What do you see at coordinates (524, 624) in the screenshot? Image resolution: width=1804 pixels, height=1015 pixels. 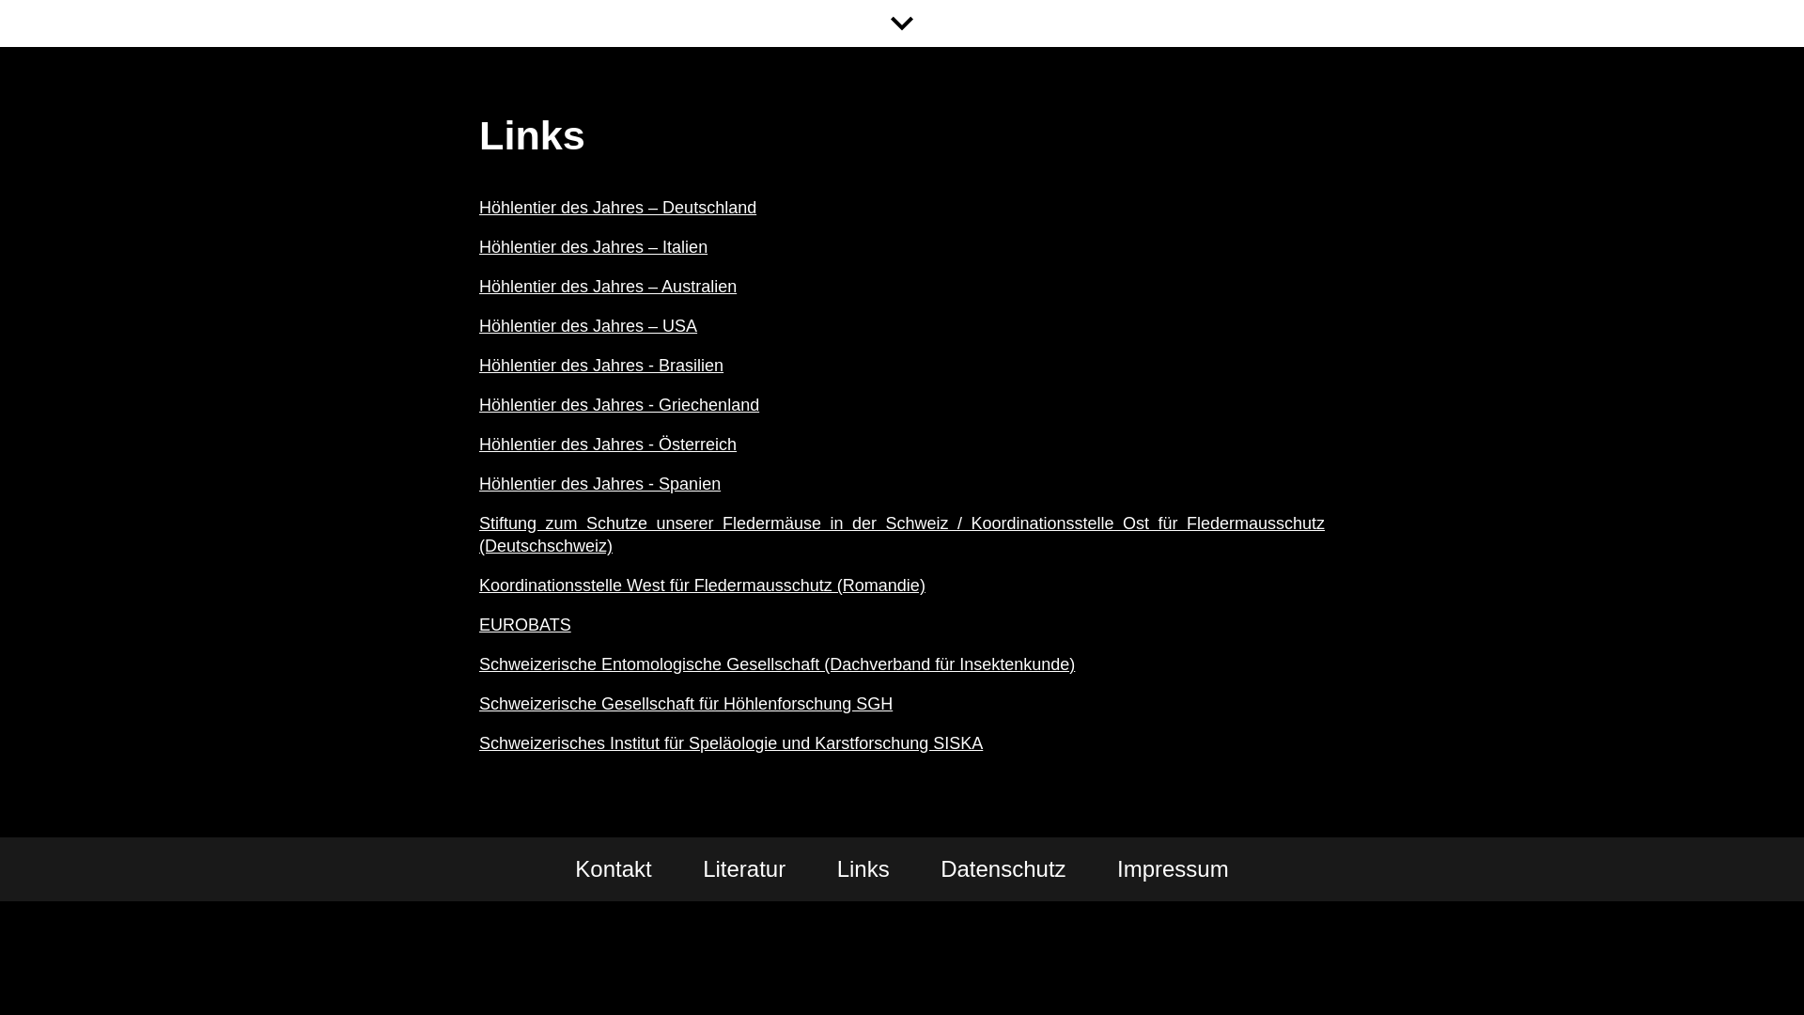 I see `'EUROBATS'` at bounding box center [524, 624].